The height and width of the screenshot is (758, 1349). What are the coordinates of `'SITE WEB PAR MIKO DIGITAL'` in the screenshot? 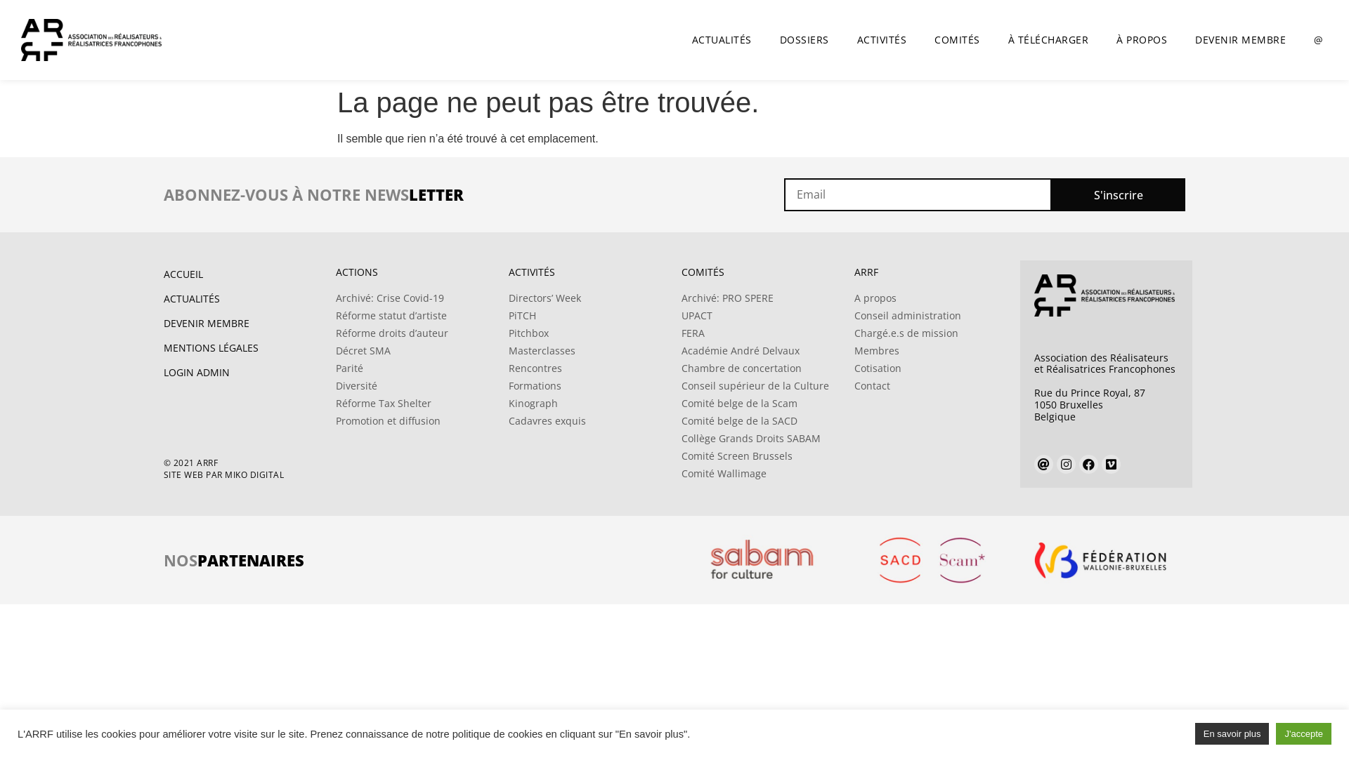 It's located at (242, 474).